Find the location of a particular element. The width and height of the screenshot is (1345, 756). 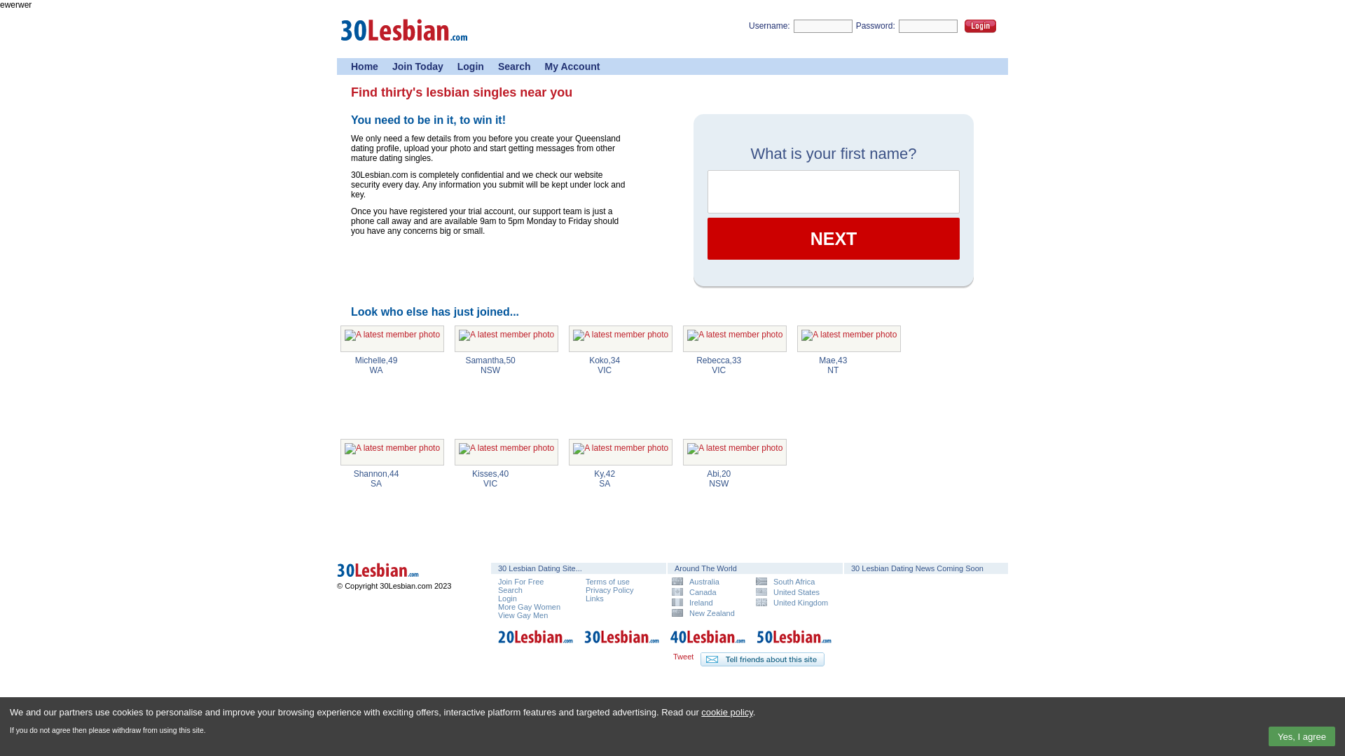

'30 Singles Dating' is located at coordinates (403, 45).